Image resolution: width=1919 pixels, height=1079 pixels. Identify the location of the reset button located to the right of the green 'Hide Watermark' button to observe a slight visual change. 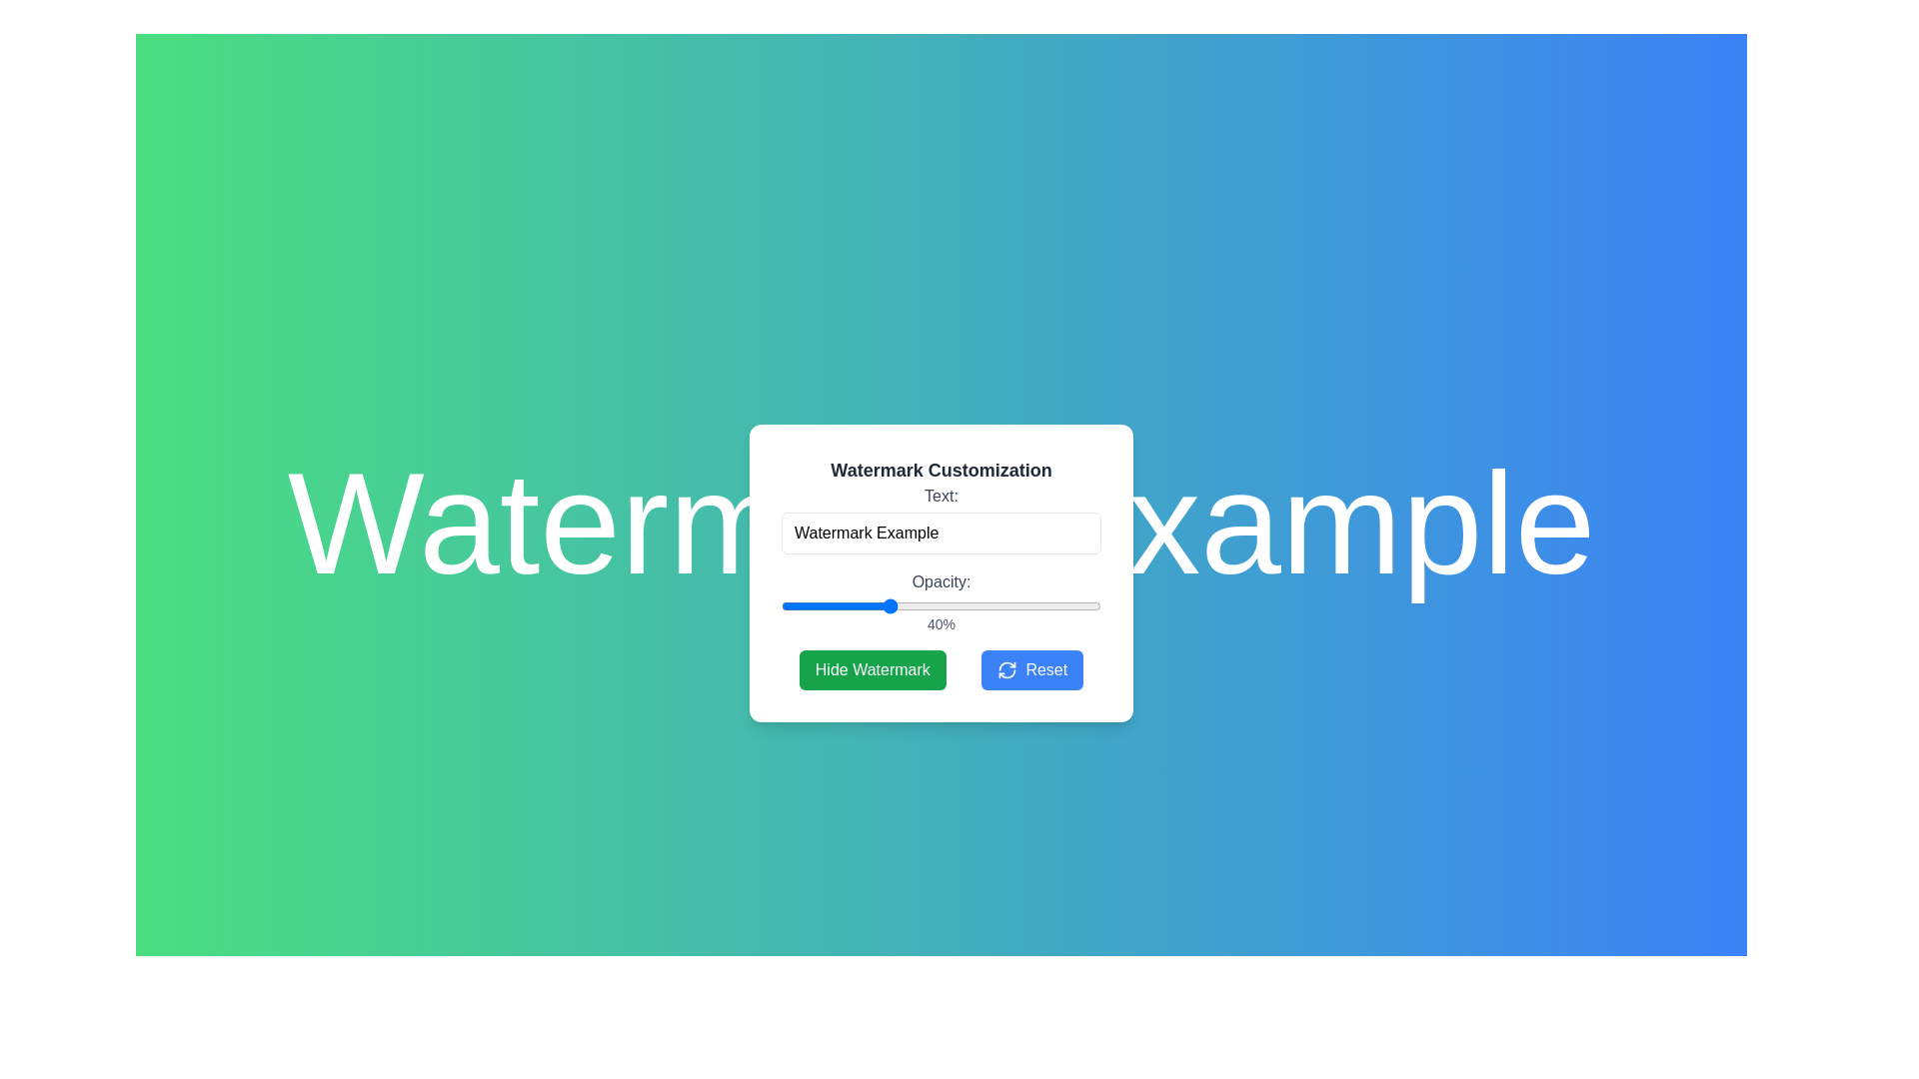
(1032, 670).